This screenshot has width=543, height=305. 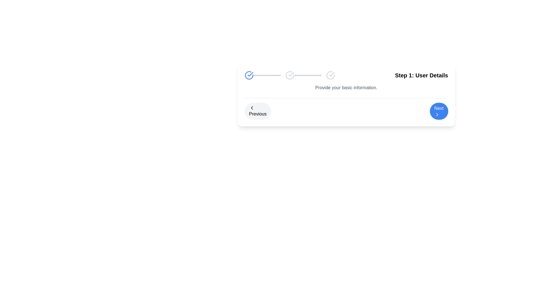 What do you see at coordinates (290, 75) in the screenshot?
I see `the icon element representing a circle with a checkmark` at bounding box center [290, 75].